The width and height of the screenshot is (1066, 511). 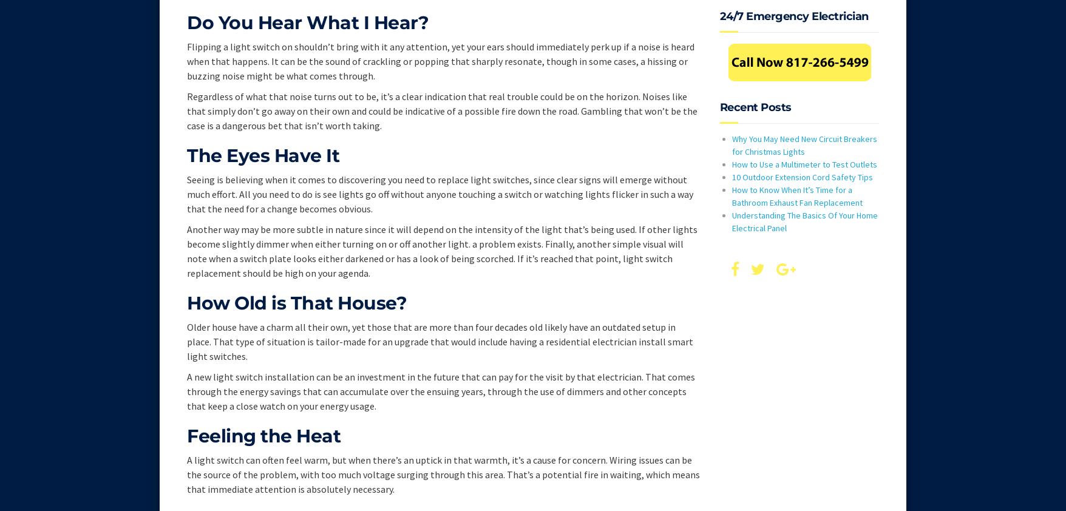 What do you see at coordinates (796, 195) in the screenshot?
I see `'How to Know When It’s Time for a Bathroom Exhaust Fan Replacement'` at bounding box center [796, 195].